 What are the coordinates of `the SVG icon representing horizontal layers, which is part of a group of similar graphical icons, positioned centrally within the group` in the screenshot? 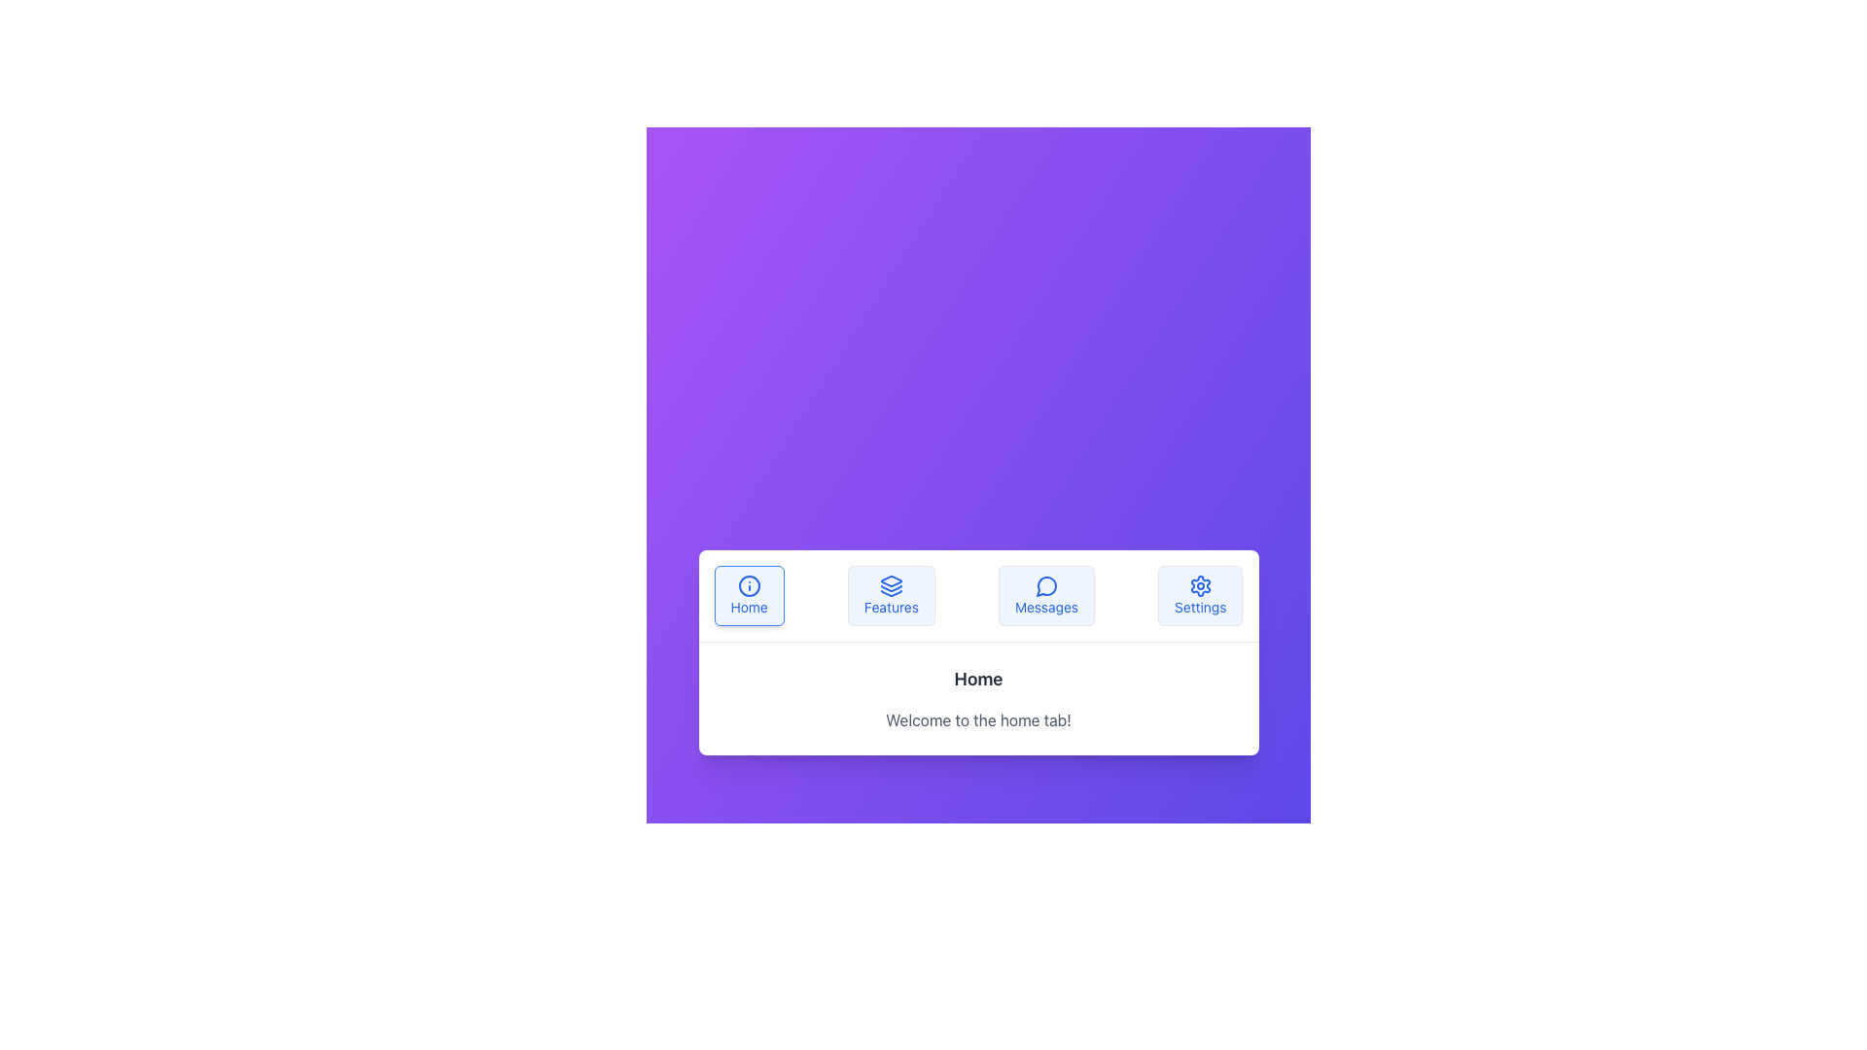 It's located at (890, 587).